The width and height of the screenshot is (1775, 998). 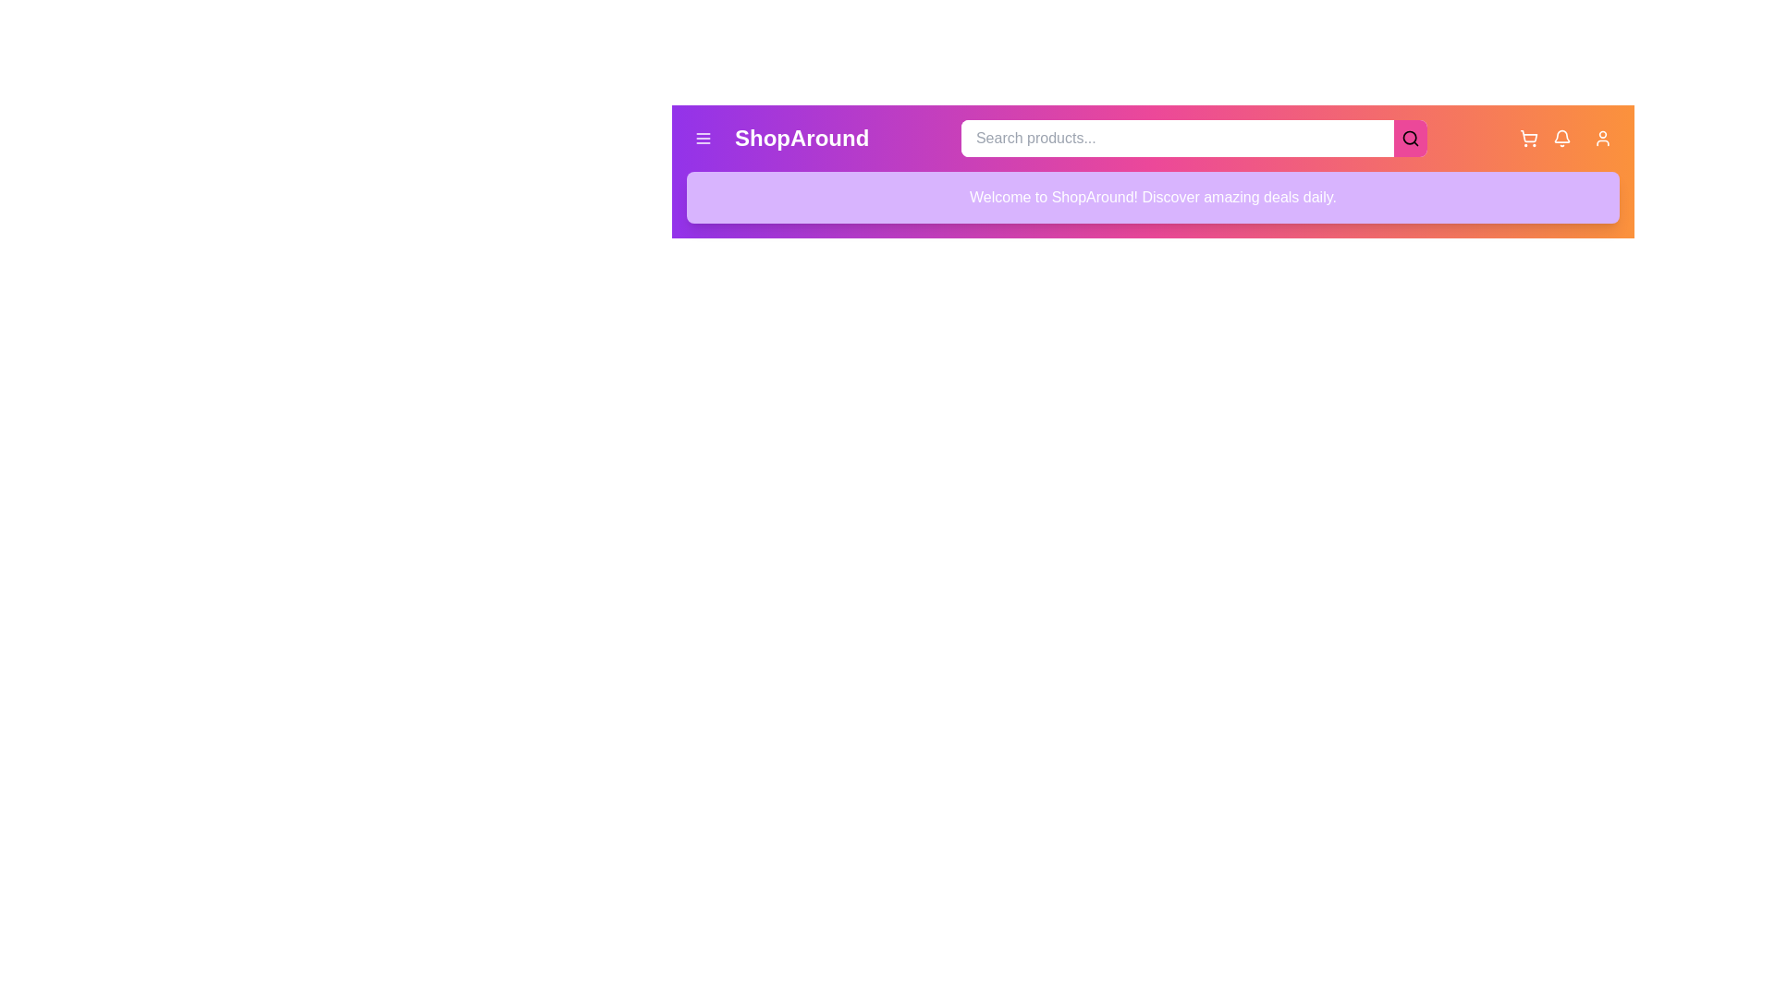 What do you see at coordinates (703, 138) in the screenshot?
I see `the menu button located on the left side of the EnhancedAppBar` at bounding box center [703, 138].